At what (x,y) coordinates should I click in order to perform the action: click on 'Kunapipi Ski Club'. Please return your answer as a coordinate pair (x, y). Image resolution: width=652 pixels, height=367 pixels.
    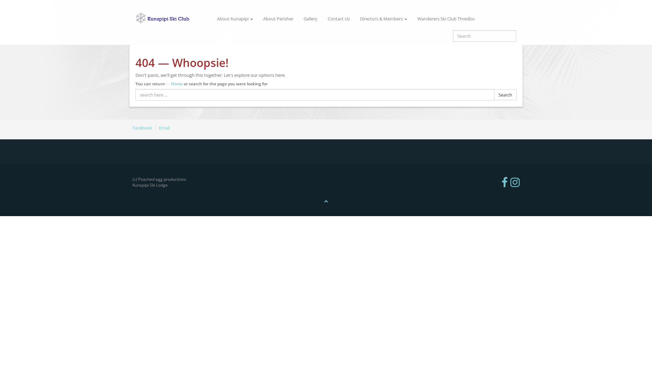
    Looking at the image, I should click on (170, 18).